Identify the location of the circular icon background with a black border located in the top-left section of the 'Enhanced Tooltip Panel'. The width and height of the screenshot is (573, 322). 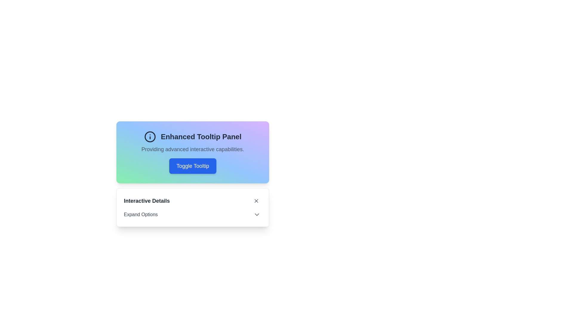
(150, 137).